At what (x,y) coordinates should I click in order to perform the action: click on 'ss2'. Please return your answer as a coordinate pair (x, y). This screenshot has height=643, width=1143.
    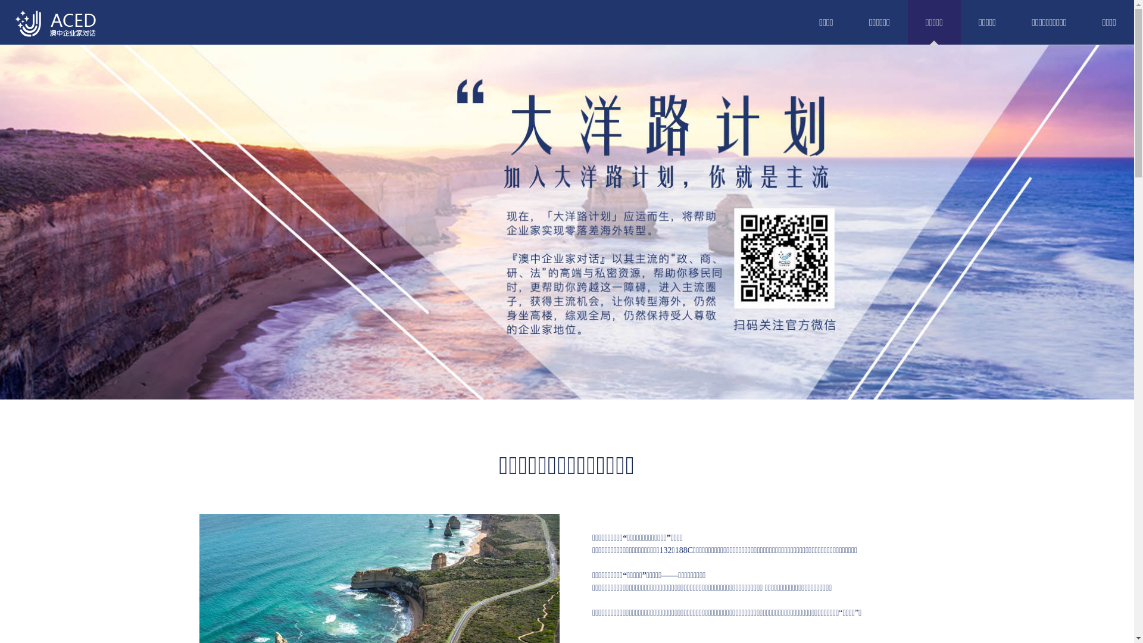
    Looking at the image, I should click on (566, 222).